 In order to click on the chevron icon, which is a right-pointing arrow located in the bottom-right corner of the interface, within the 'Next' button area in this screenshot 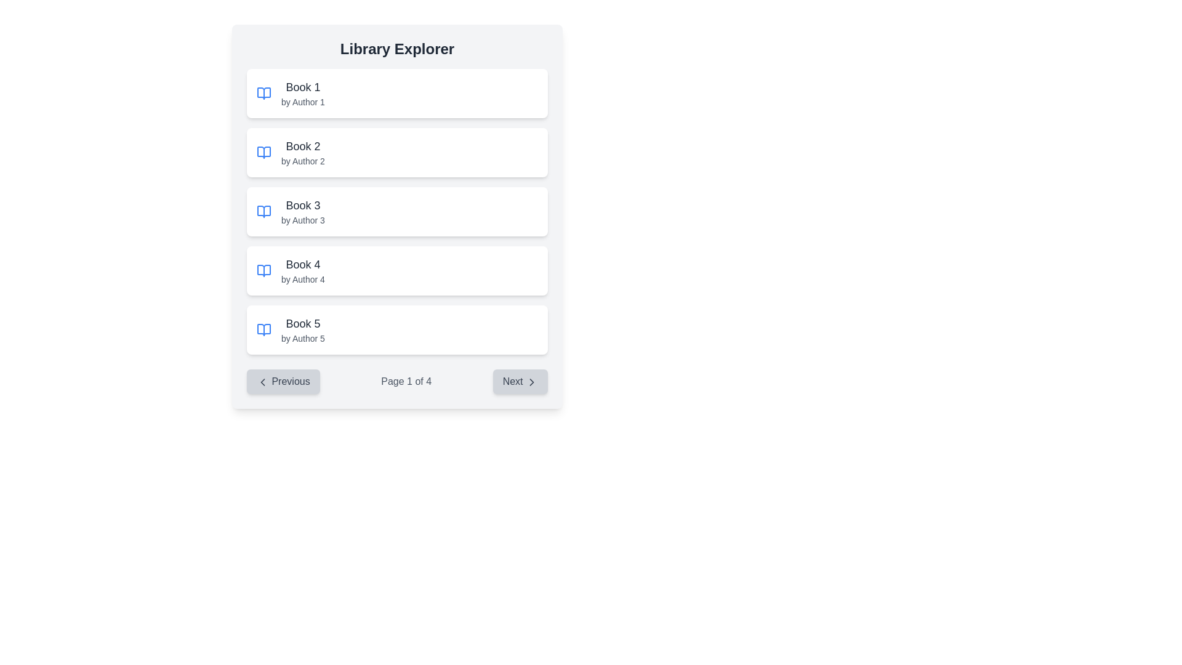, I will do `click(532, 381)`.